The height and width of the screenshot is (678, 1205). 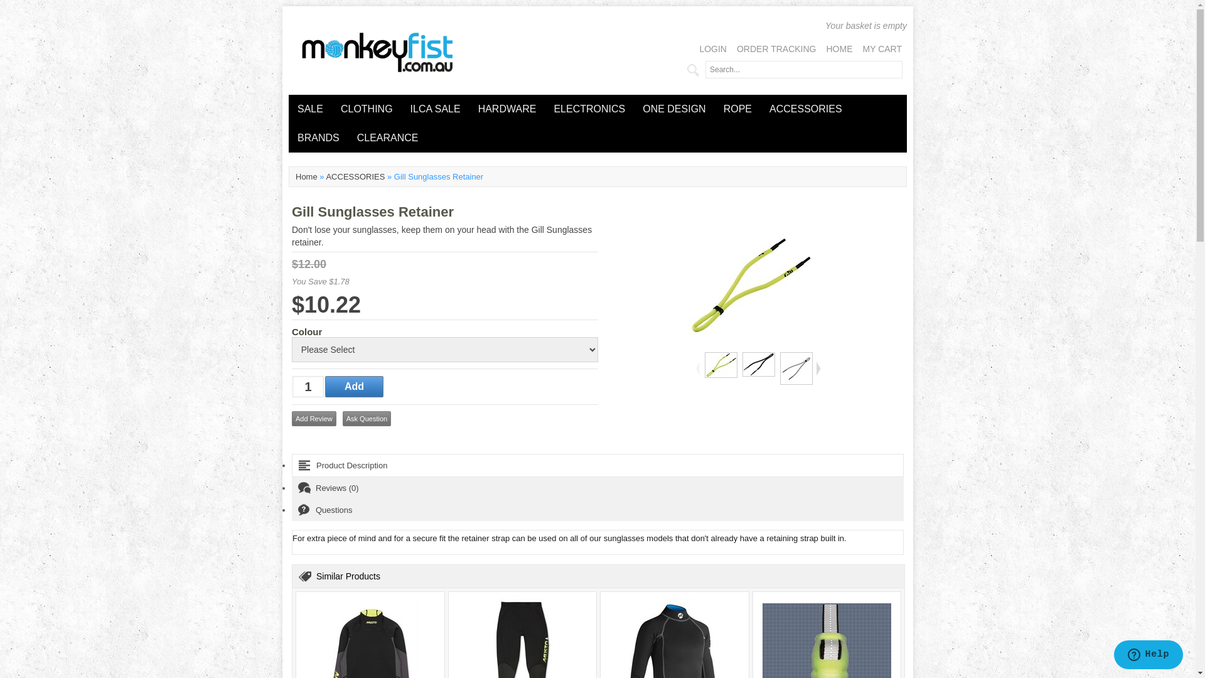 I want to click on 'ORDER TRACKING', so click(x=776, y=48).